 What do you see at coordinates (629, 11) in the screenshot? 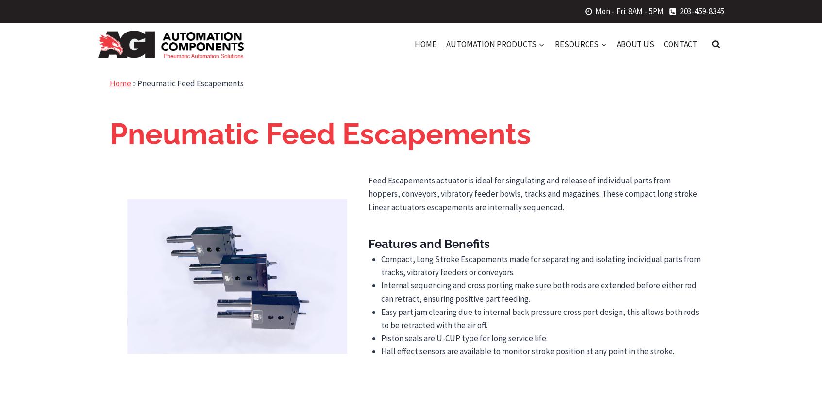
I see `'Mon - Fri: 8AM - 5PM'` at bounding box center [629, 11].